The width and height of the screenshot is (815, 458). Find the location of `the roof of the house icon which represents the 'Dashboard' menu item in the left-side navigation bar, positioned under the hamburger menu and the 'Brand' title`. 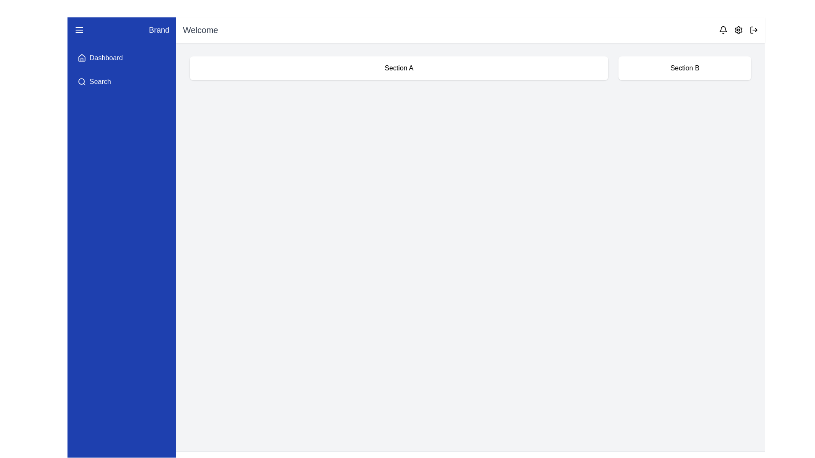

the roof of the house icon which represents the 'Dashboard' menu item in the left-side navigation bar, positioned under the hamburger menu and the 'Brand' title is located at coordinates (81, 57).